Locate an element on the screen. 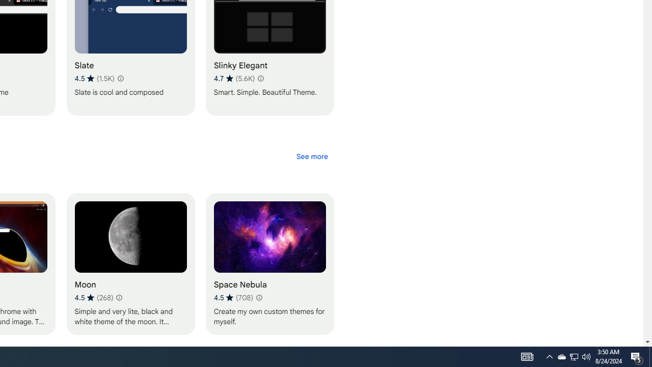  'Average rating 4.5 out of 5 stars. 1.5K ratings.' is located at coordinates (94, 78).